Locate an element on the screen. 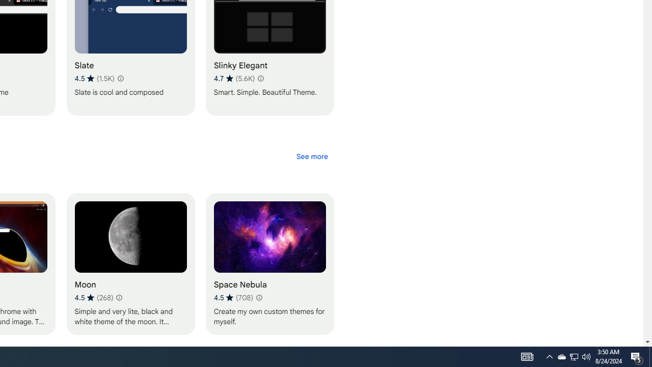  'Average rating 4.5 out of 5 stars. 1.5K ratings.' is located at coordinates (94, 78).